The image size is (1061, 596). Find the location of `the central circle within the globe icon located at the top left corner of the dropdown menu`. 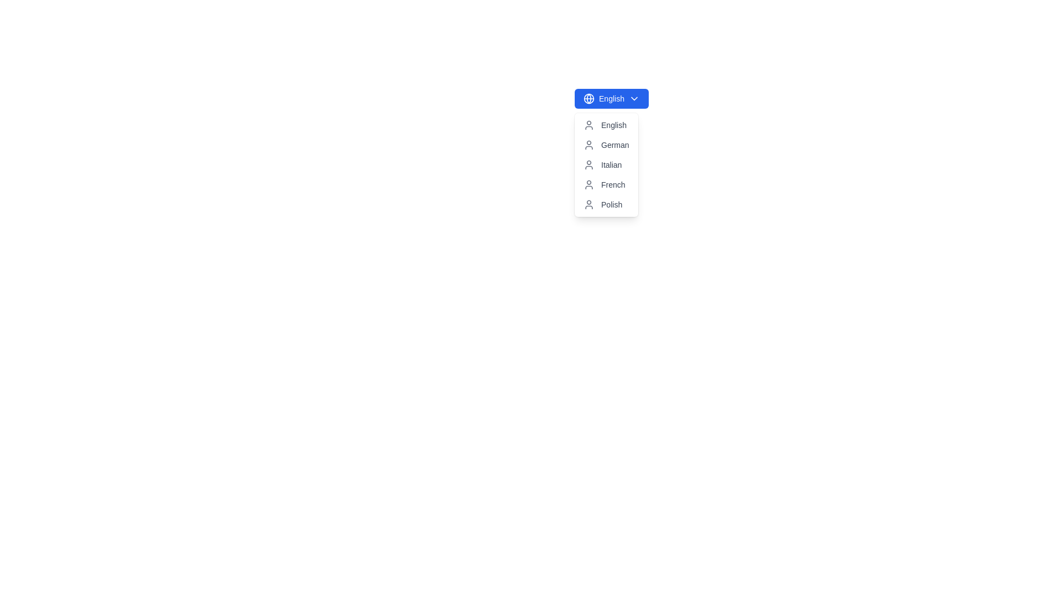

the central circle within the globe icon located at the top left corner of the dropdown menu is located at coordinates (588, 98).